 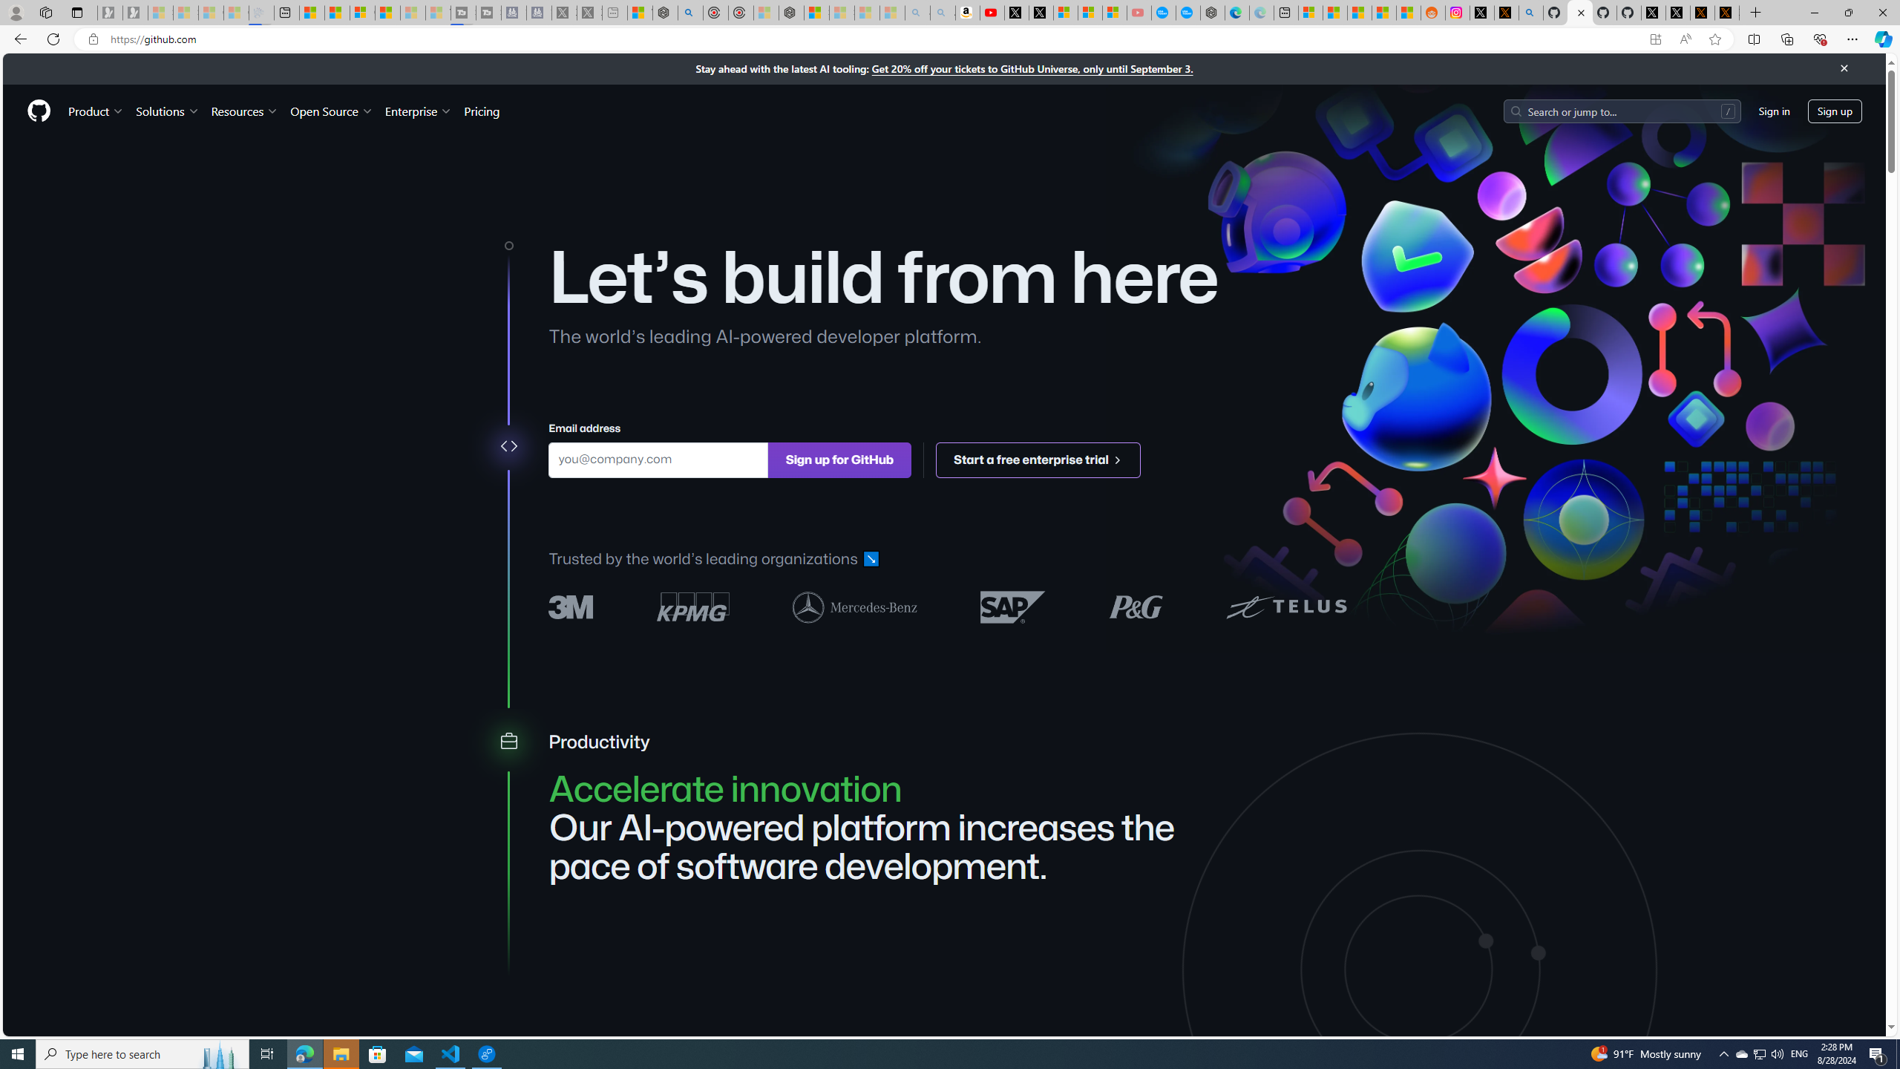 What do you see at coordinates (481, 111) in the screenshot?
I see `'Pricing'` at bounding box center [481, 111].